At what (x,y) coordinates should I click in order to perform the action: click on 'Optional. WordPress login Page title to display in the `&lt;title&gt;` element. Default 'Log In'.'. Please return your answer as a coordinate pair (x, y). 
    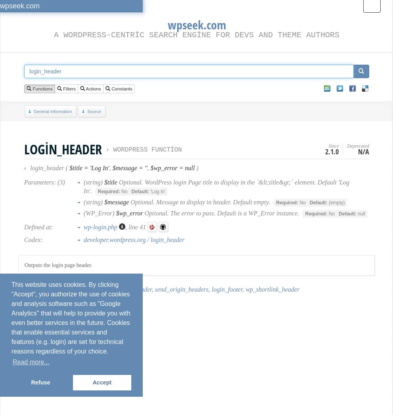
    Looking at the image, I should click on (83, 186).